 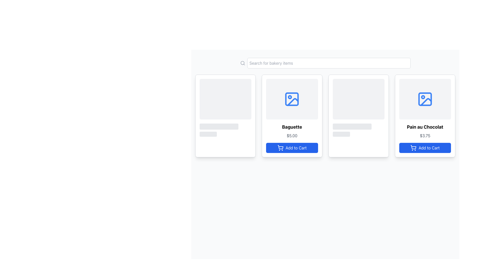 What do you see at coordinates (292, 127) in the screenshot?
I see `product name from the title text element of the product card labeled 'Baguette', which is centrally located in the second card of the row, preceding the price text and 'Add to Cart' button` at bounding box center [292, 127].